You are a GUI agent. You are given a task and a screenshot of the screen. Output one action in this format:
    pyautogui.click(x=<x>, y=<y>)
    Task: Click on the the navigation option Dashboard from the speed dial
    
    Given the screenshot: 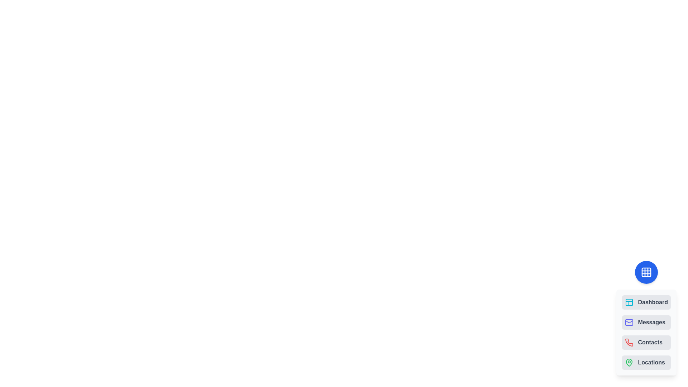 What is the action you would take?
    pyautogui.click(x=646, y=302)
    